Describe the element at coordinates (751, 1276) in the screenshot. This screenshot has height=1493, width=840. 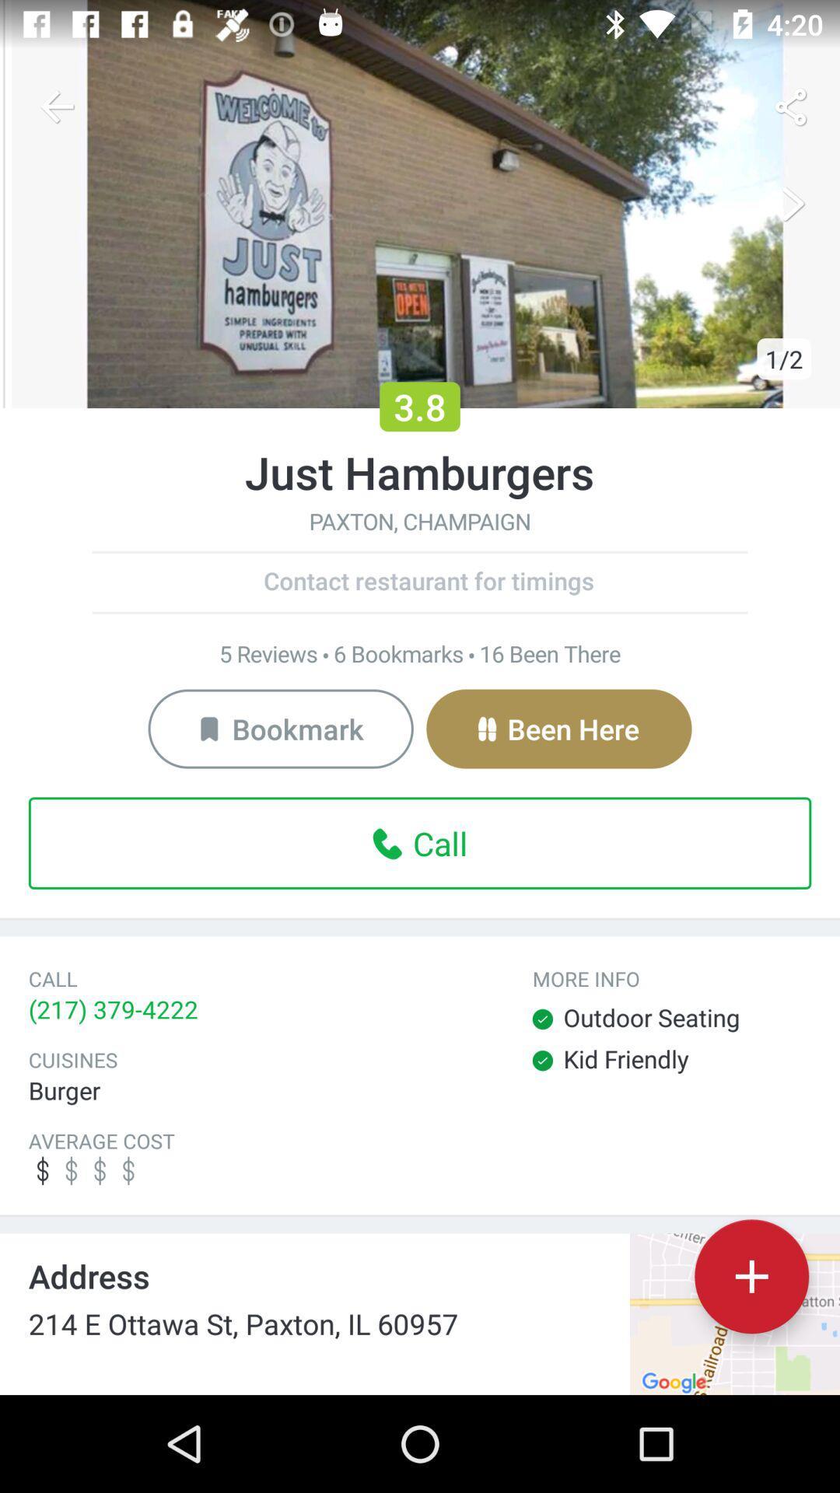
I see `the add icon` at that location.